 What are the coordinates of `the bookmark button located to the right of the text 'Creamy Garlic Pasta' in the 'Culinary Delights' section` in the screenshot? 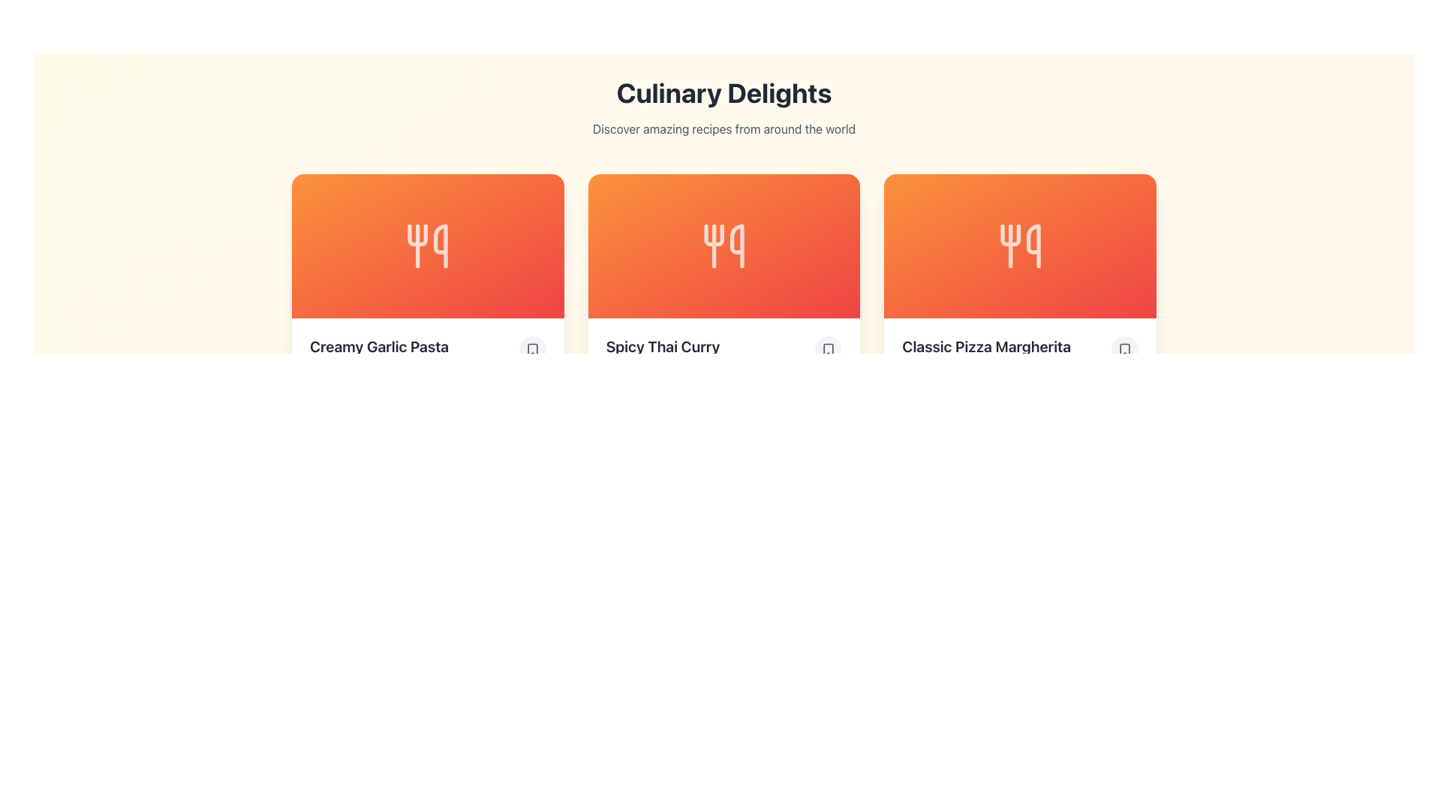 It's located at (532, 350).